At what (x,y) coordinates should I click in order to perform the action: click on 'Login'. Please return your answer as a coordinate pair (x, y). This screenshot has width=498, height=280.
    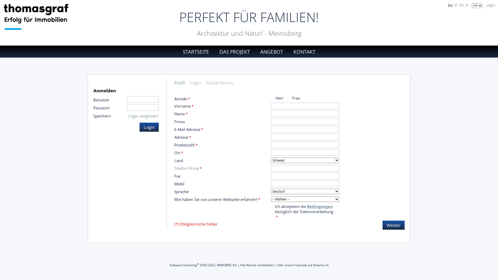
    Looking at the image, I should click on (149, 127).